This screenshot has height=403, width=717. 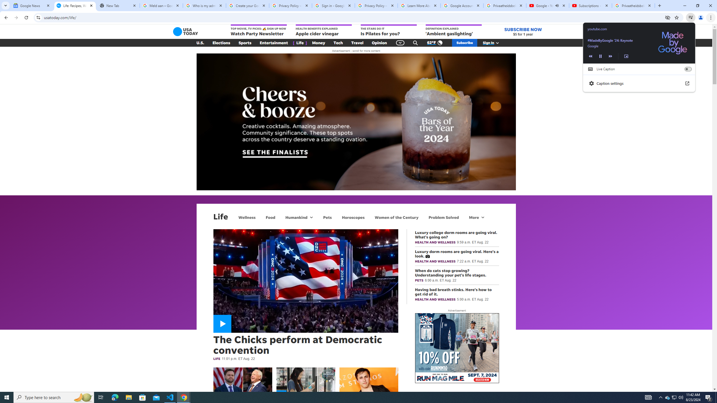 I want to click on 'USA TODAY', so click(x=186, y=31).